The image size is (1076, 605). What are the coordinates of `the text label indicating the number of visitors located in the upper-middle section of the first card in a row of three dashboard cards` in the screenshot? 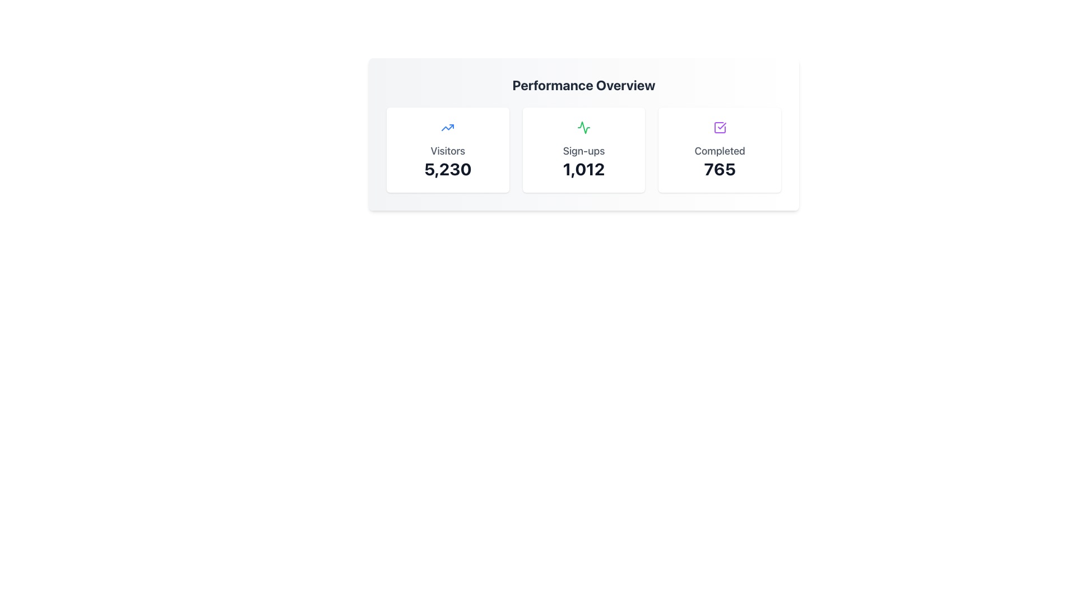 It's located at (447, 151).